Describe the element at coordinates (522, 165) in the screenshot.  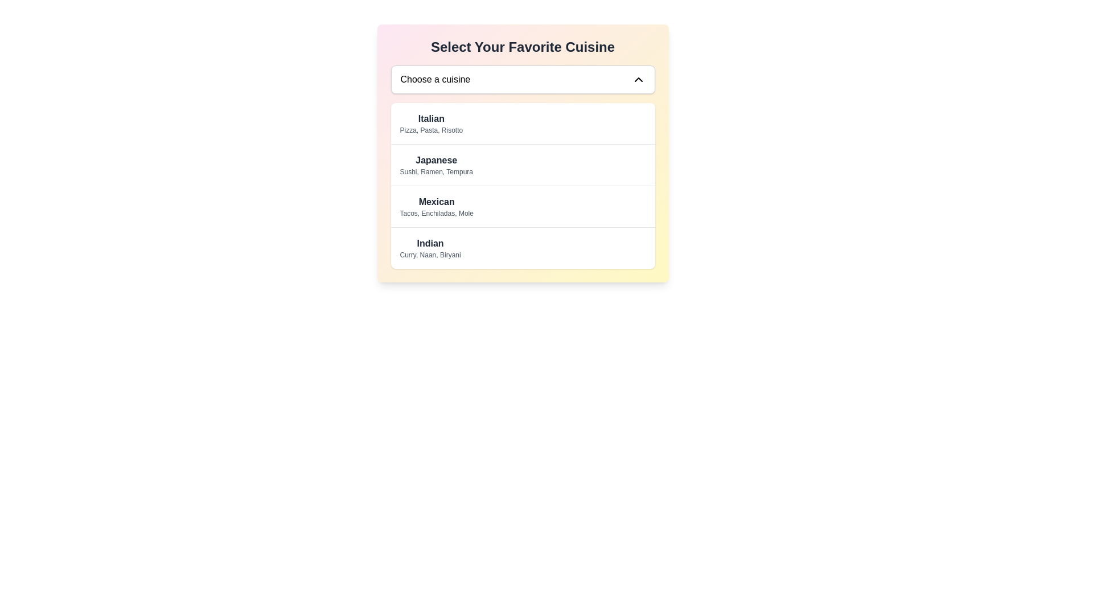
I see `the second cuisine option in the dropdown menu, which is styled with a bold title 'Japanese' and a lighter gray subtitle detailing 'Sushi, Ramen, Tempura'` at that location.